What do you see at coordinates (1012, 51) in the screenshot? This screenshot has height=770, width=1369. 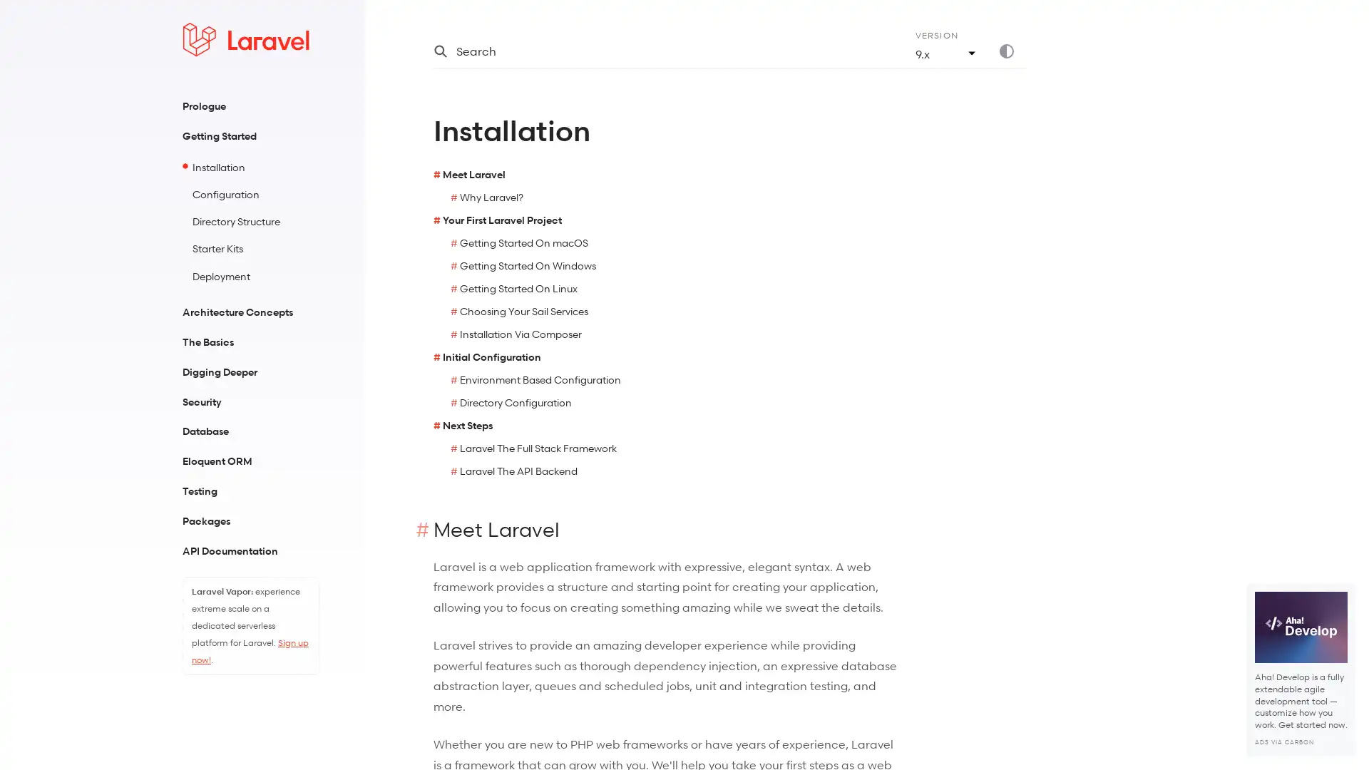 I see `Switch to dark mode` at bounding box center [1012, 51].